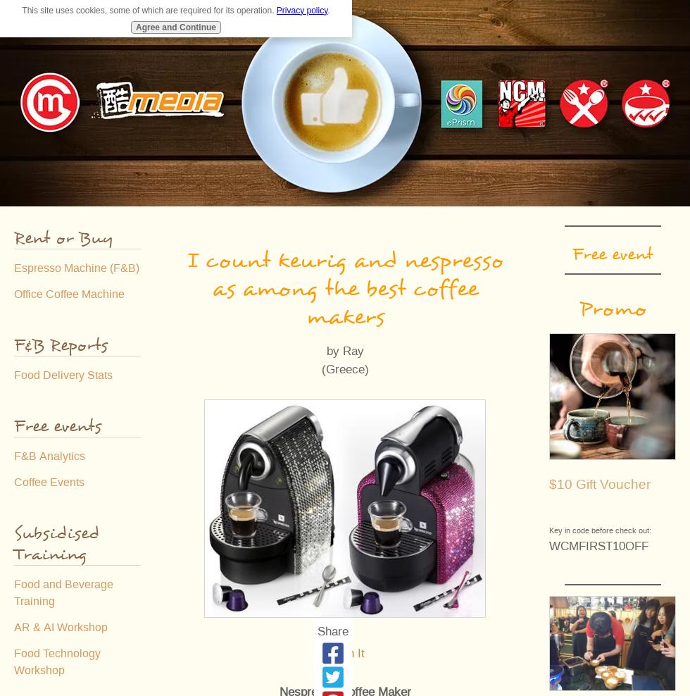  I want to click on 'AR & AI Workshop', so click(13, 626).